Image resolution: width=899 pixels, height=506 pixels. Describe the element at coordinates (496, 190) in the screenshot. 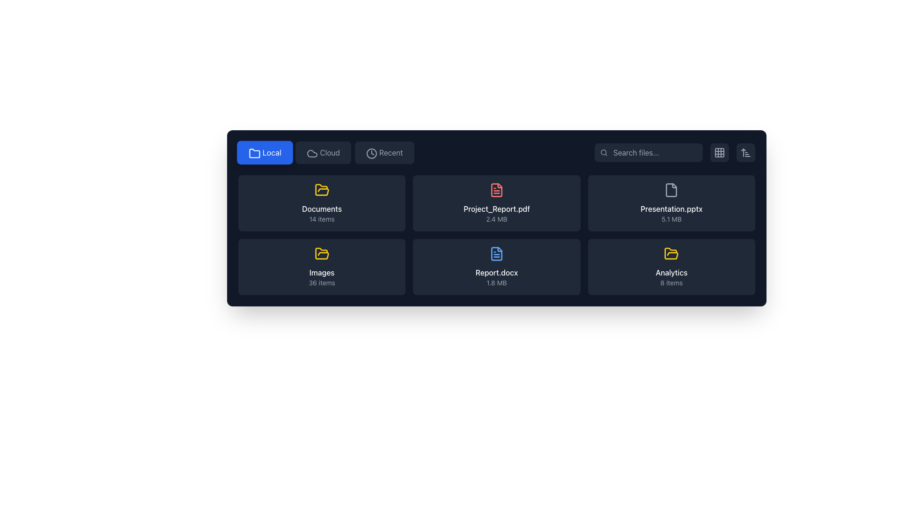

I see `the red document icon representing the 'Project_Report.pdf' file` at that location.